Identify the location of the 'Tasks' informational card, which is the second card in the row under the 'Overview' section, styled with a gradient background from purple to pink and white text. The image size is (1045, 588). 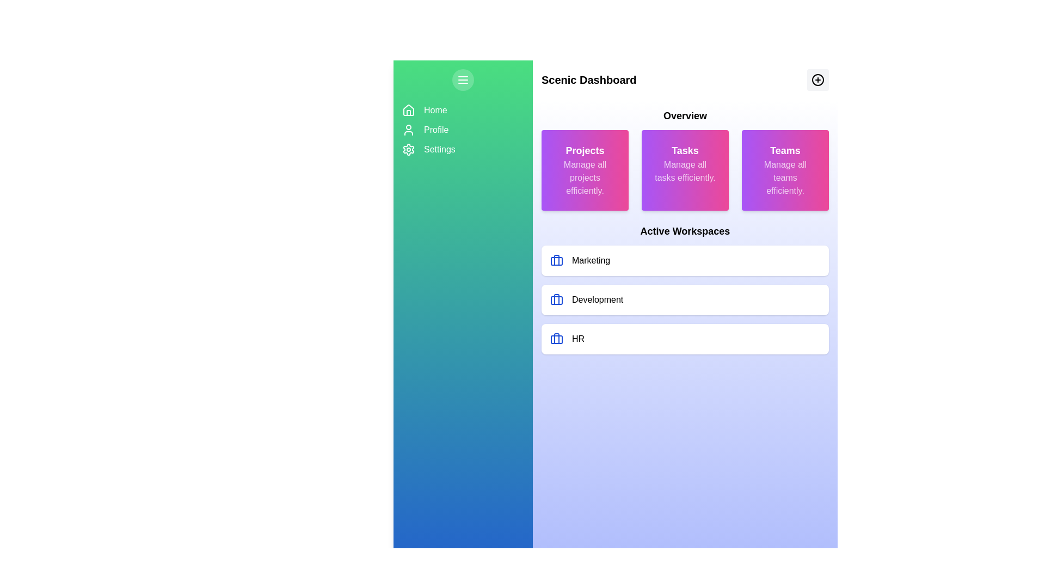
(684, 170).